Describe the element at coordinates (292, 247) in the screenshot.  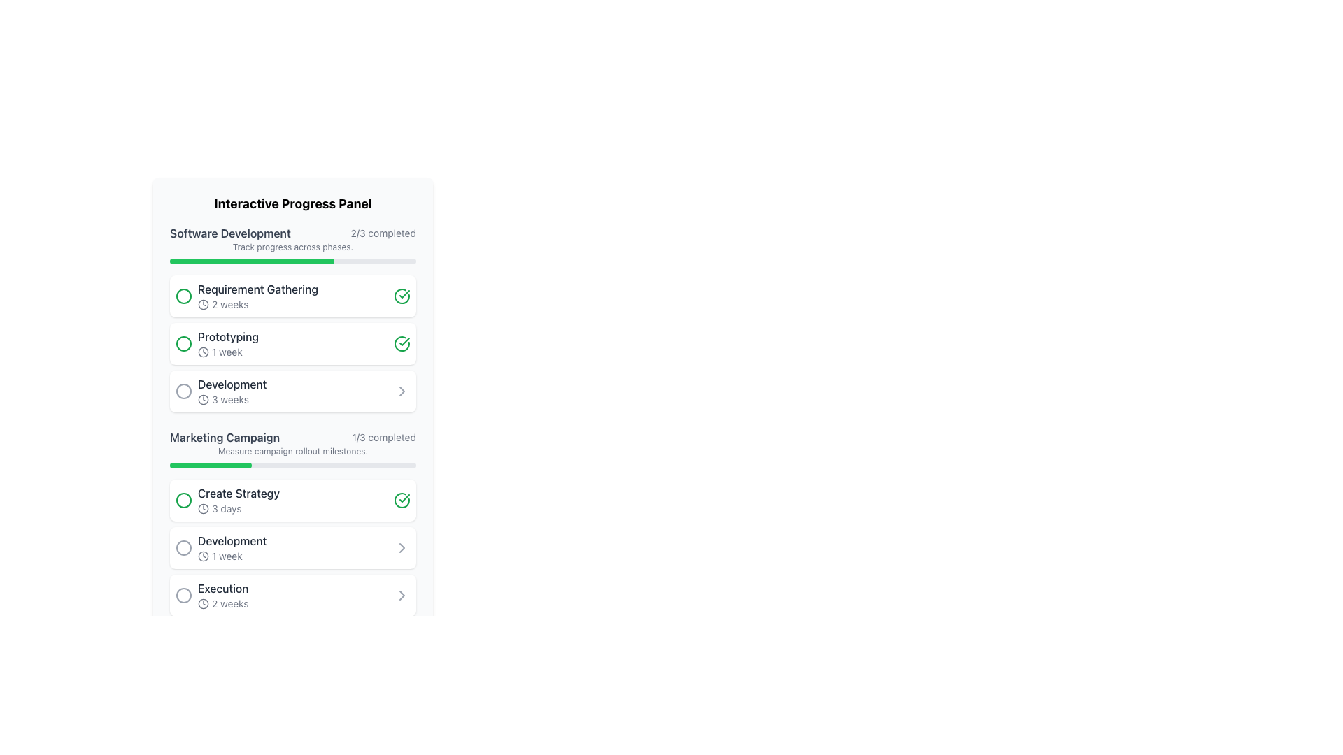
I see `information displayed in the text label 'Track progress across phases.' which is styled in small gray font and located directly beneath the 'Software Development' title and progress indicator` at that location.